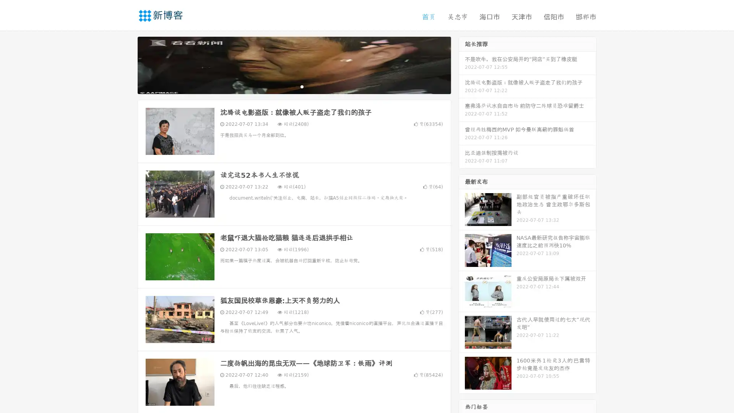  I want to click on Go to slide 1, so click(286, 86).